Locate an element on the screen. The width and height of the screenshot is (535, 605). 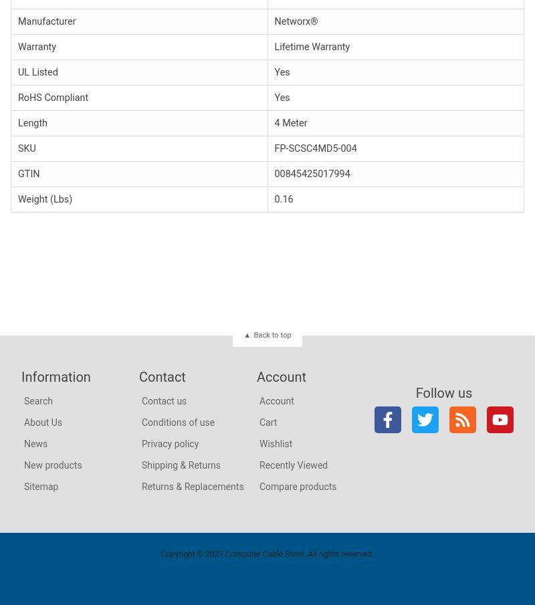
'Weight (Lbs)' is located at coordinates (45, 199).